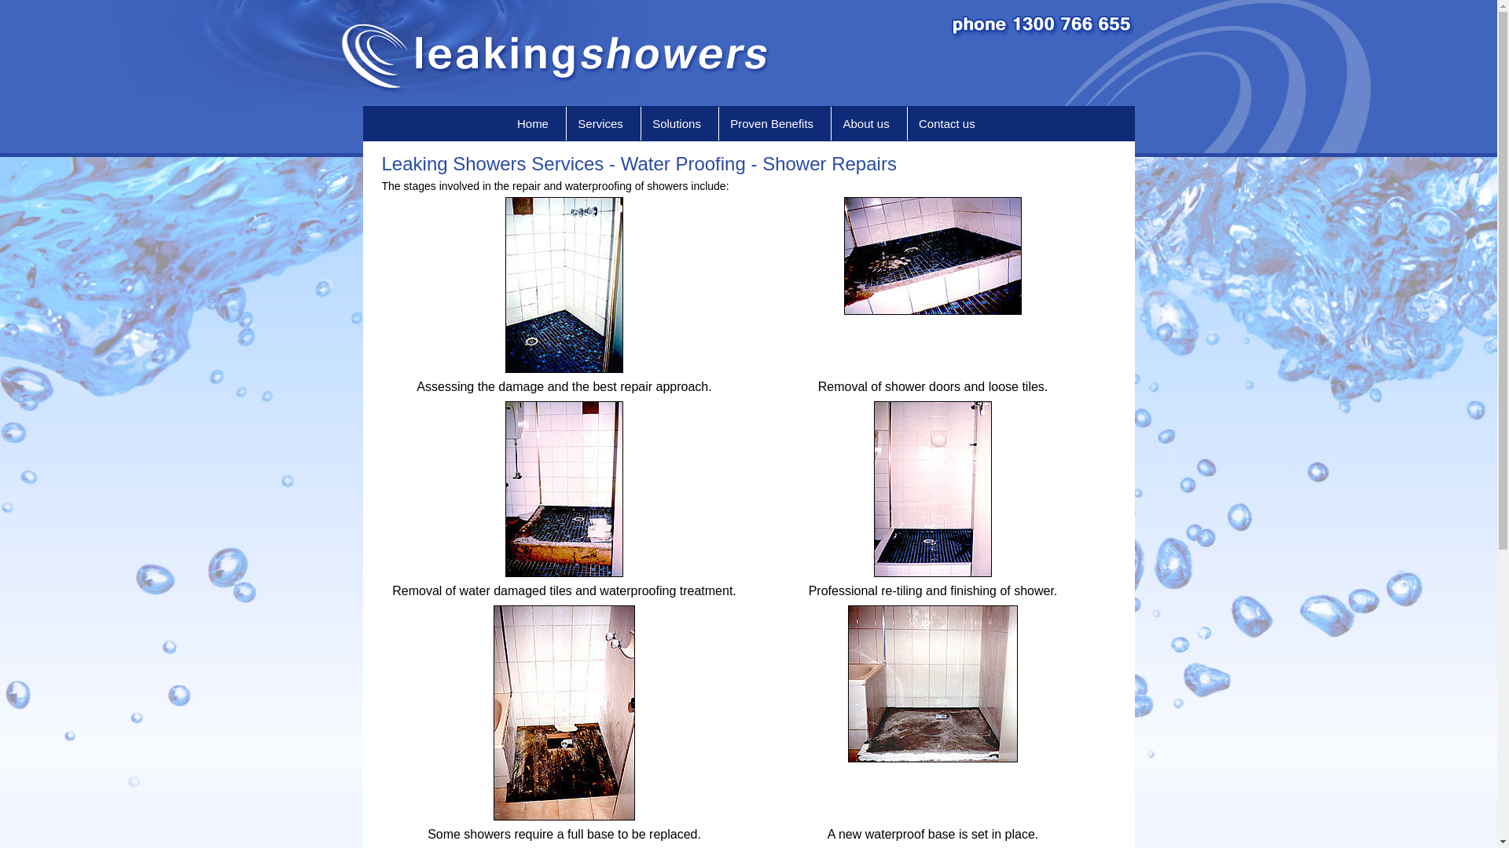 This screenshot has height=848, width=1509. I want to click on 'Contact us  ', so click(949, 122).